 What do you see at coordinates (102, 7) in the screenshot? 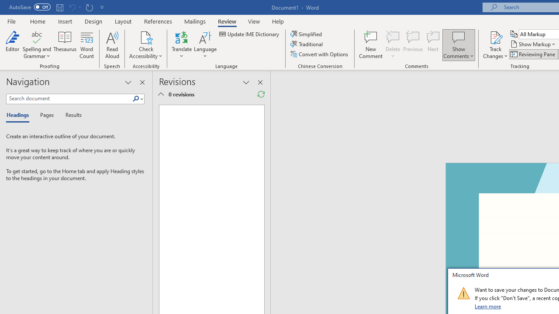
I see `'Customize Quick Access Toolbar'` at bounding box center [102, 7].